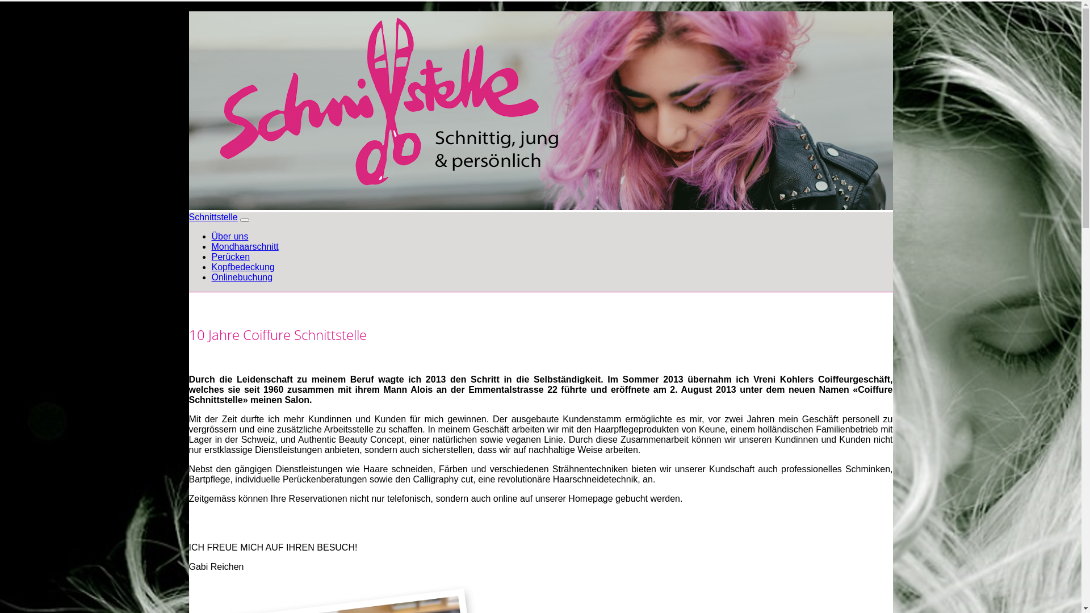  I want to click on 'Kopfbedeckung', so click(242, 267).